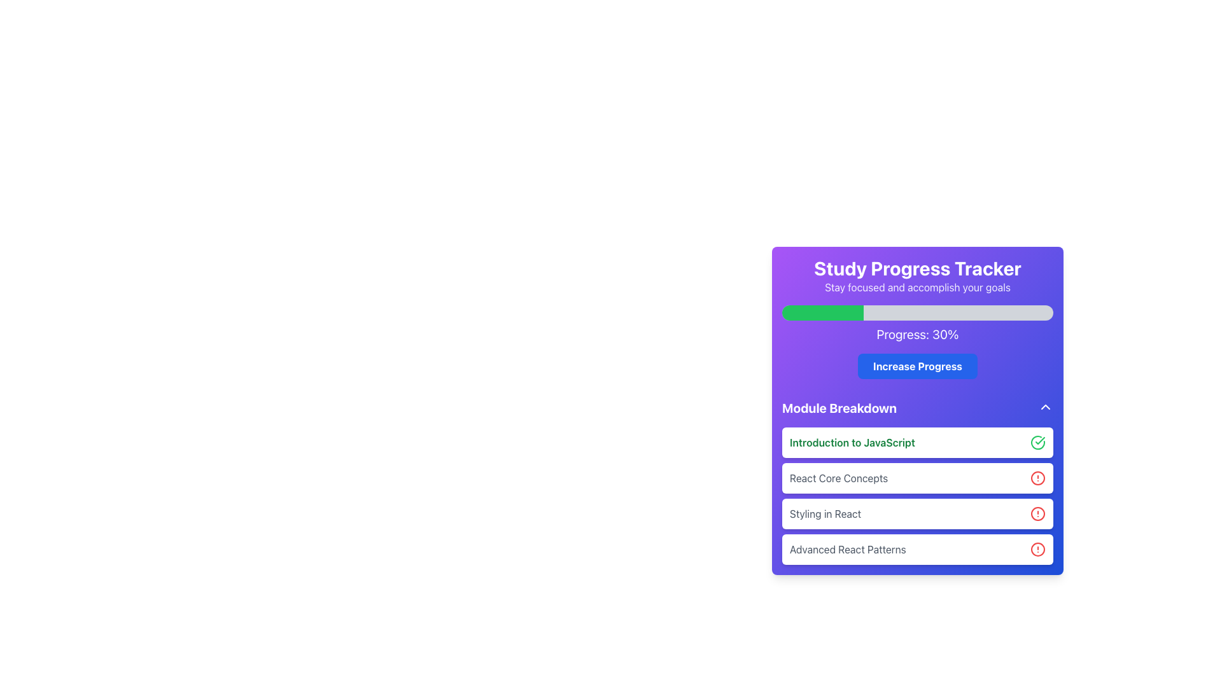  What do you see at coordinates (852, 441) in the screenshot?
I see `the text label representing the title of a learning module located under the 'Module Breakdown' section, which is the first listing in the vertical list of modules` at bounding box center [852, 441].